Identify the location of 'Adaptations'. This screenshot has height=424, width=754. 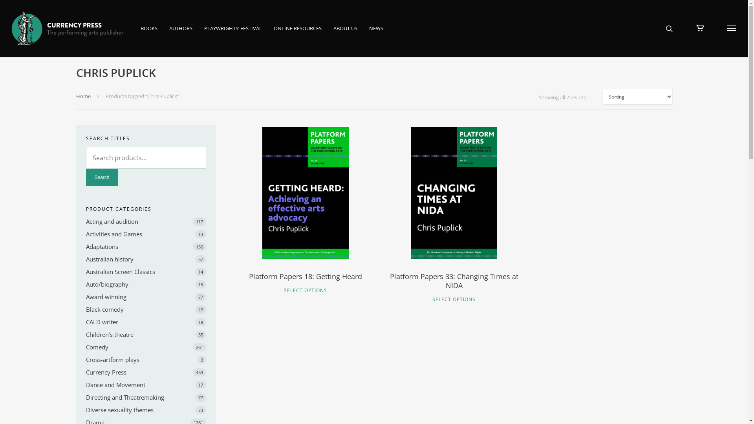
(85, 246).